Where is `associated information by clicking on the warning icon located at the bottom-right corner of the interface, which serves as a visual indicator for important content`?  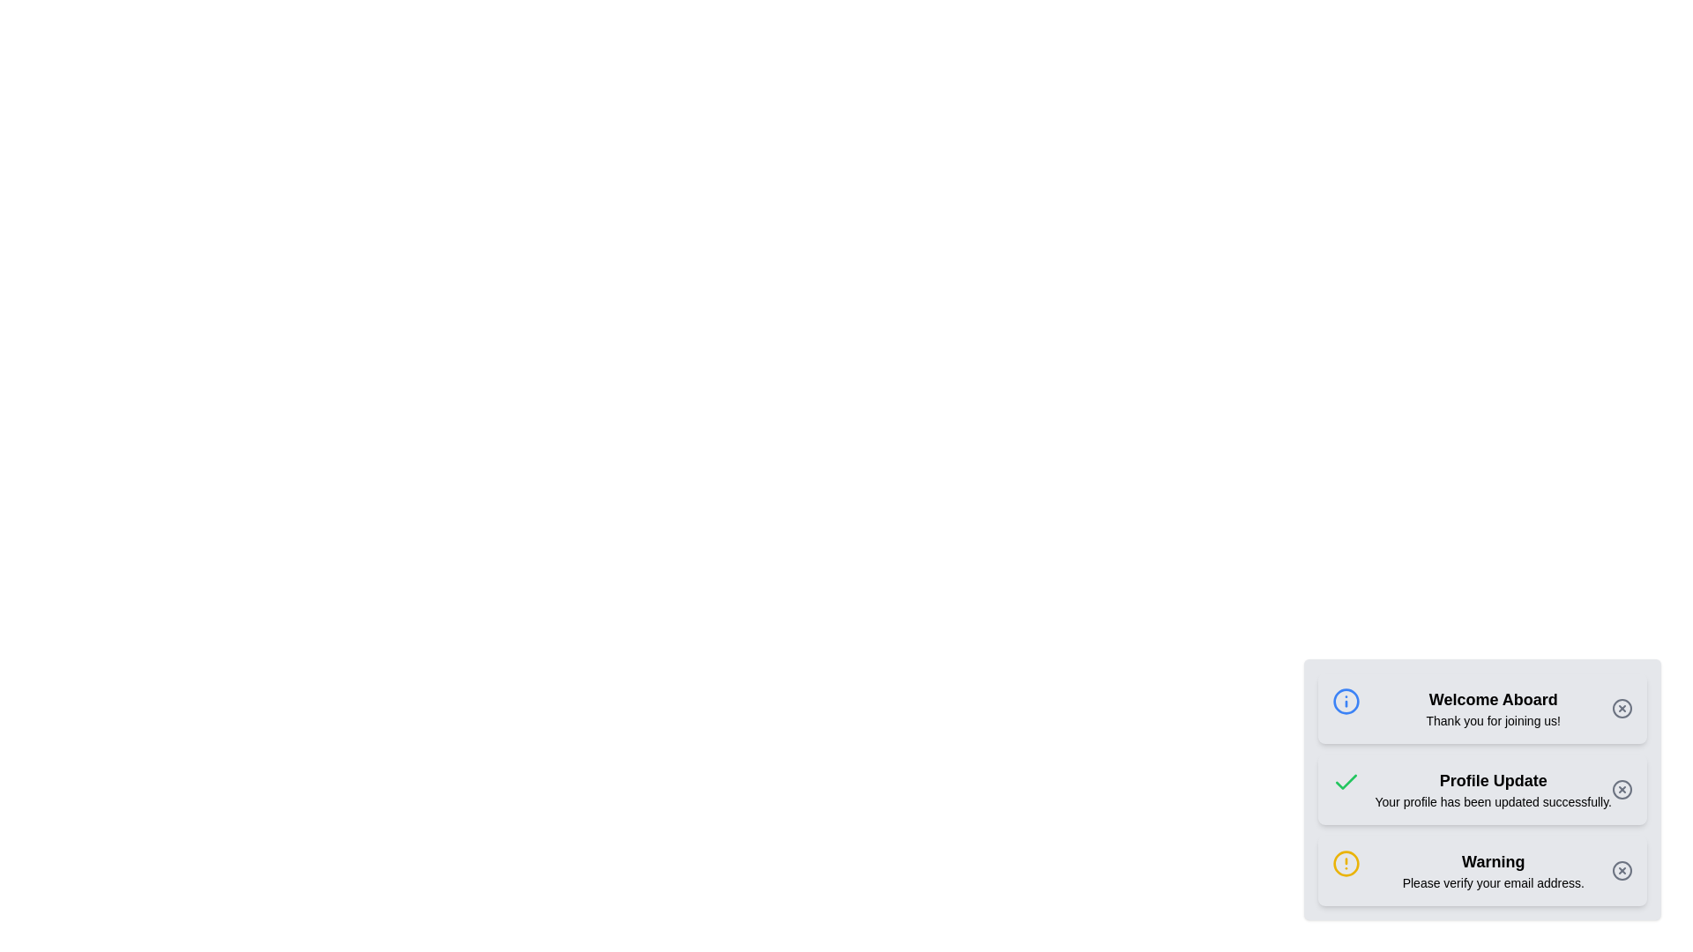 associated information by clicking on the warning icon located at the bottom-right corner of the interface, which serves as a visual indicator for important content is located at coordinates (1346, 862).